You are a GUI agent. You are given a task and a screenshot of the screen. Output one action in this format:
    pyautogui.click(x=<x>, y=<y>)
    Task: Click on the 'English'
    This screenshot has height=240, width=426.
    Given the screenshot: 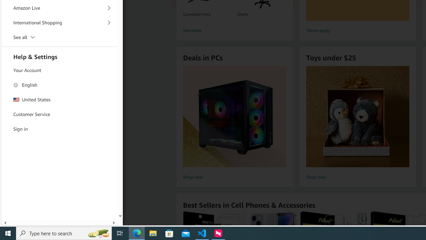 What is the action you would take?
    pyautogui.click(x=60, y=84)
    